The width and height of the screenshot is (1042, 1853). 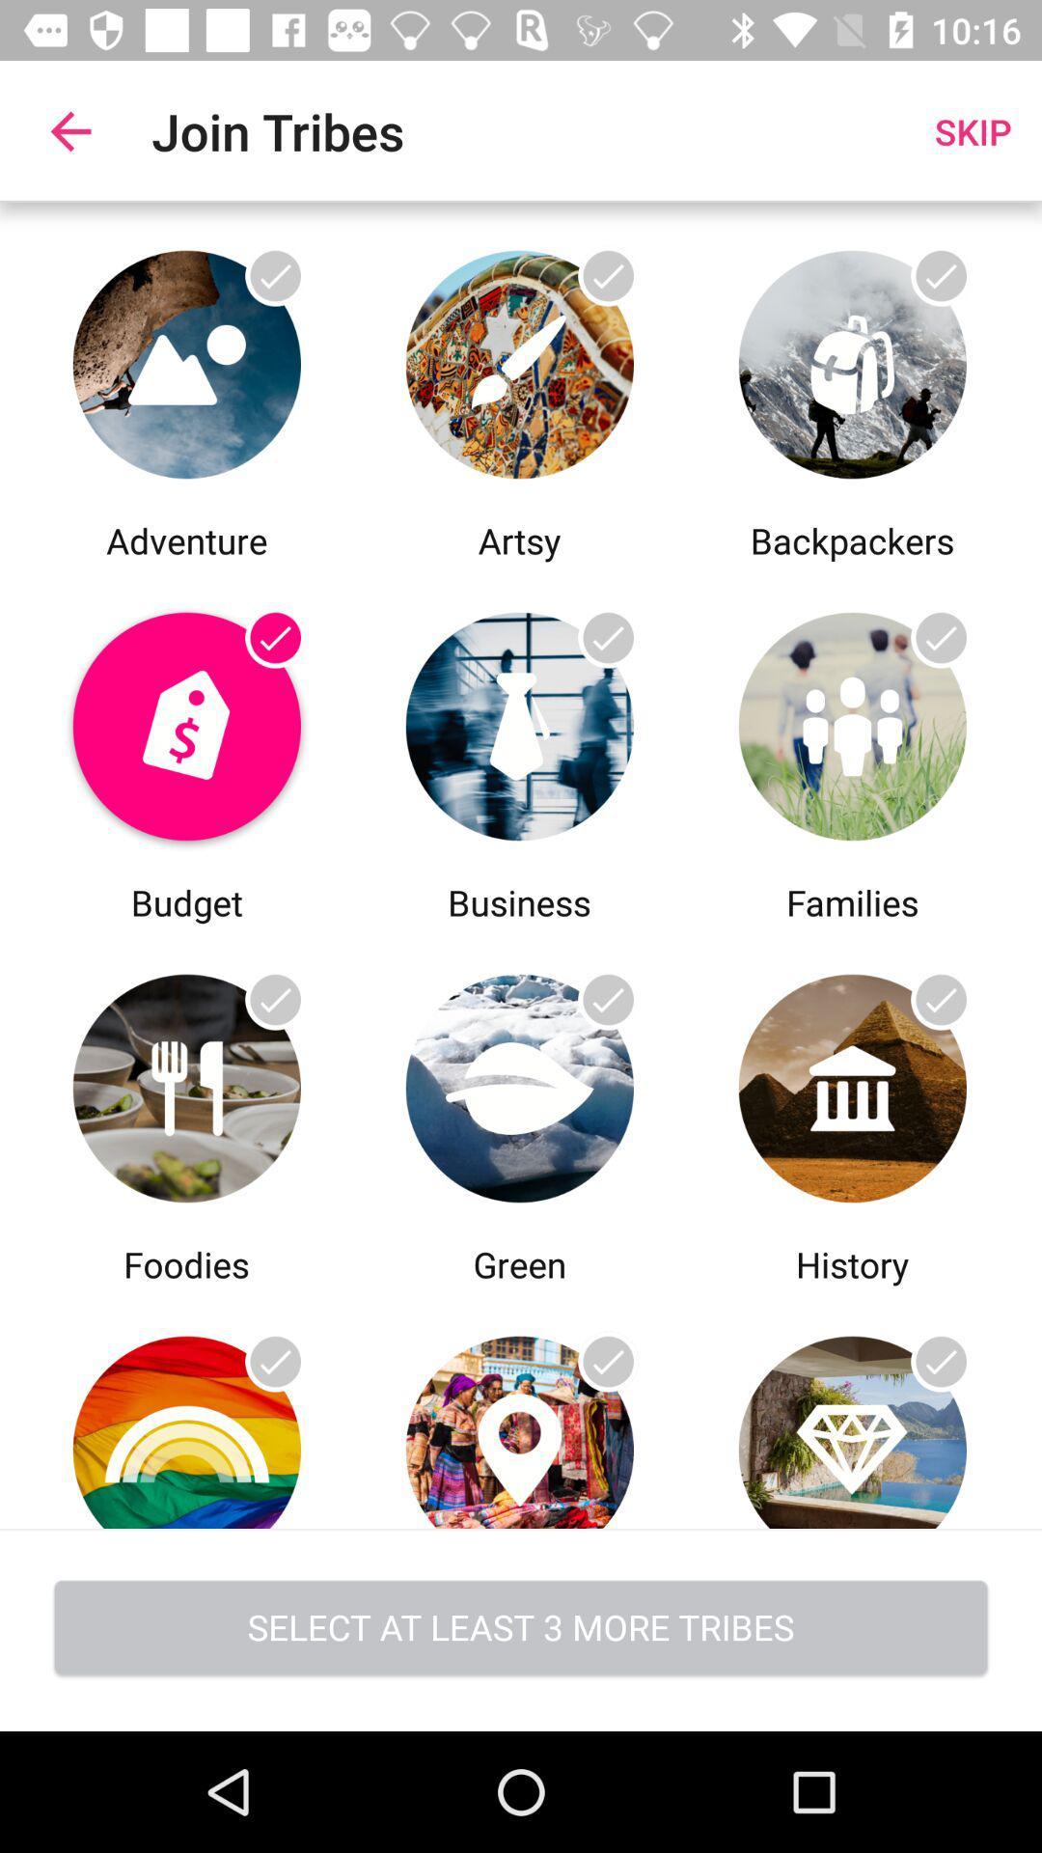 What do you see at coordinates (186, 720) in the screenshot?
I see `budget` at bounding box center [186, 720].